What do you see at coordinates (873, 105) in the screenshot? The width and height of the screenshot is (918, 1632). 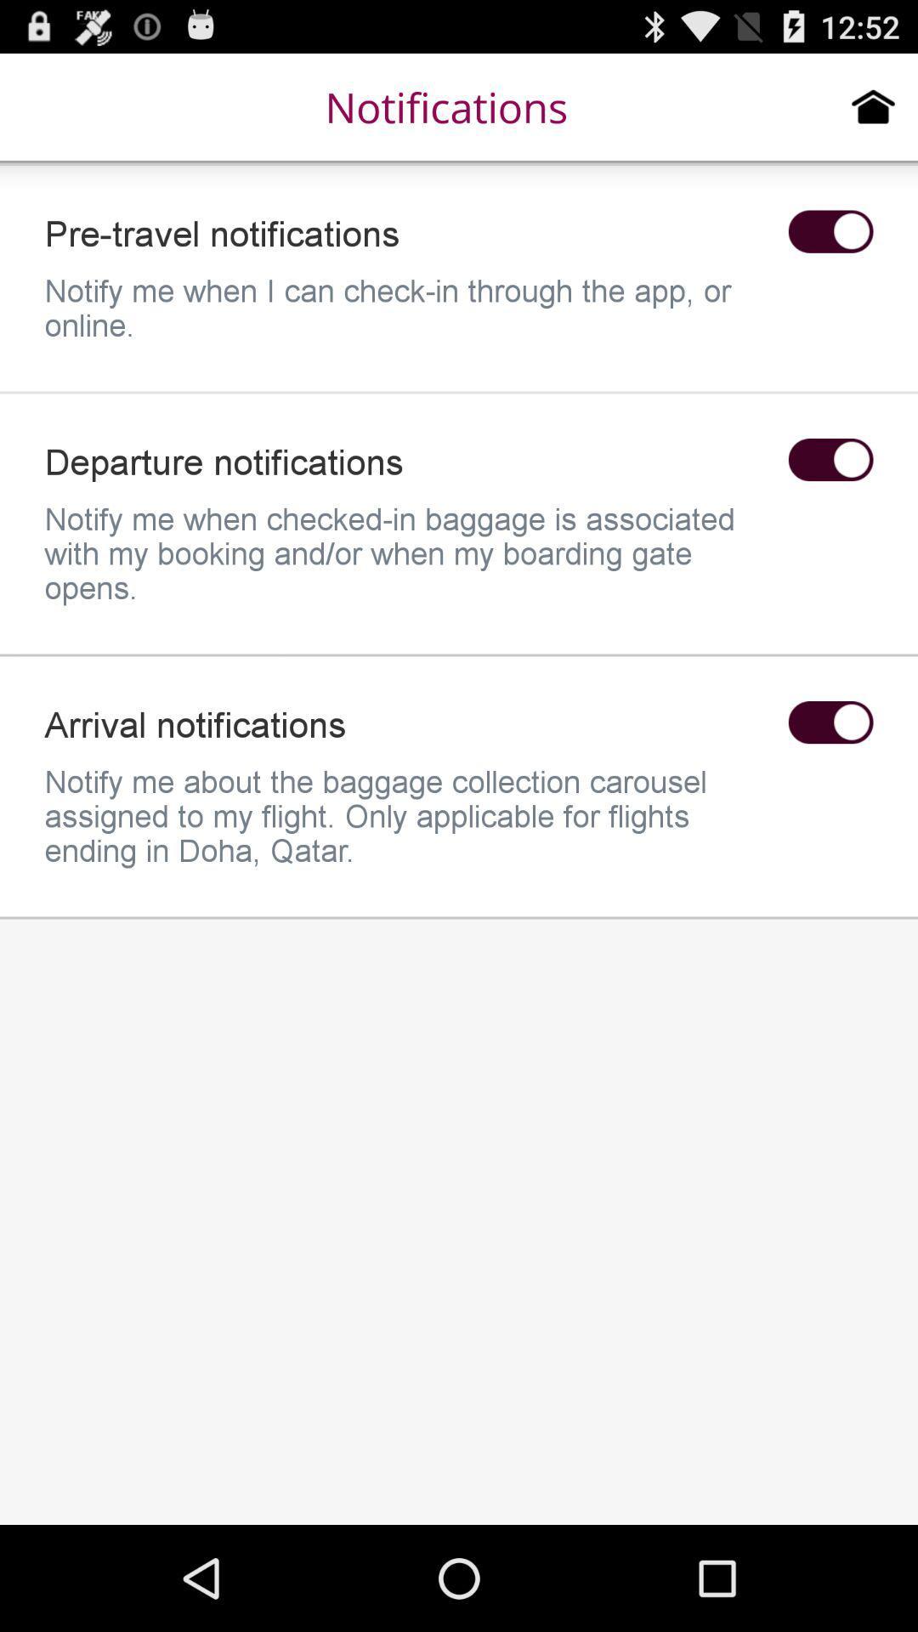 I see `icon next to notifications icon` at bounding box center [873, 105].